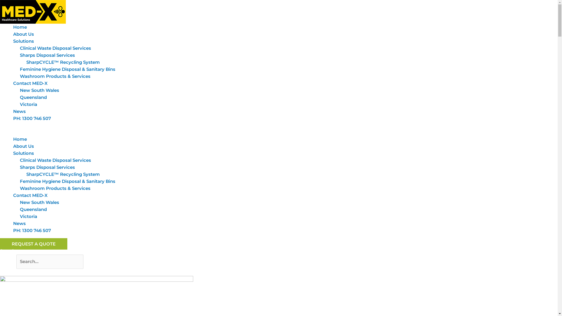  Describe the element at coordinates (55, 48) in the screenshot. I see `'Clinical Waste Disposal Services'` at that location.